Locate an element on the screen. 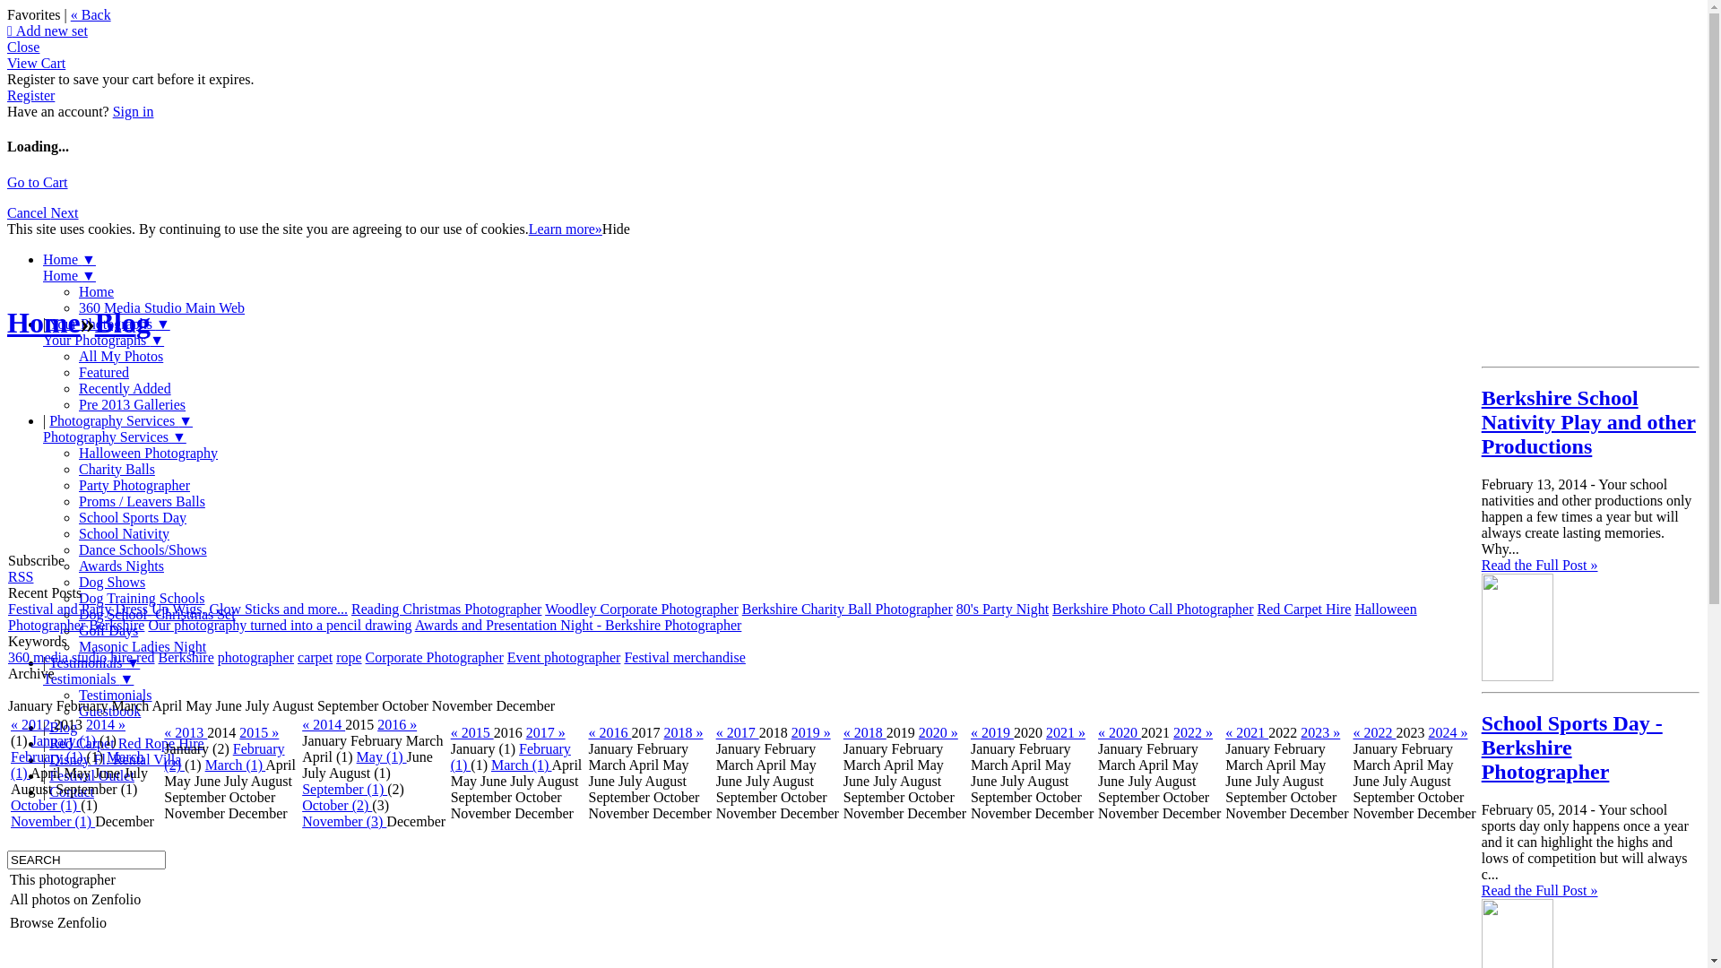  'Dog Shows' is located at coordinates (110, 582).